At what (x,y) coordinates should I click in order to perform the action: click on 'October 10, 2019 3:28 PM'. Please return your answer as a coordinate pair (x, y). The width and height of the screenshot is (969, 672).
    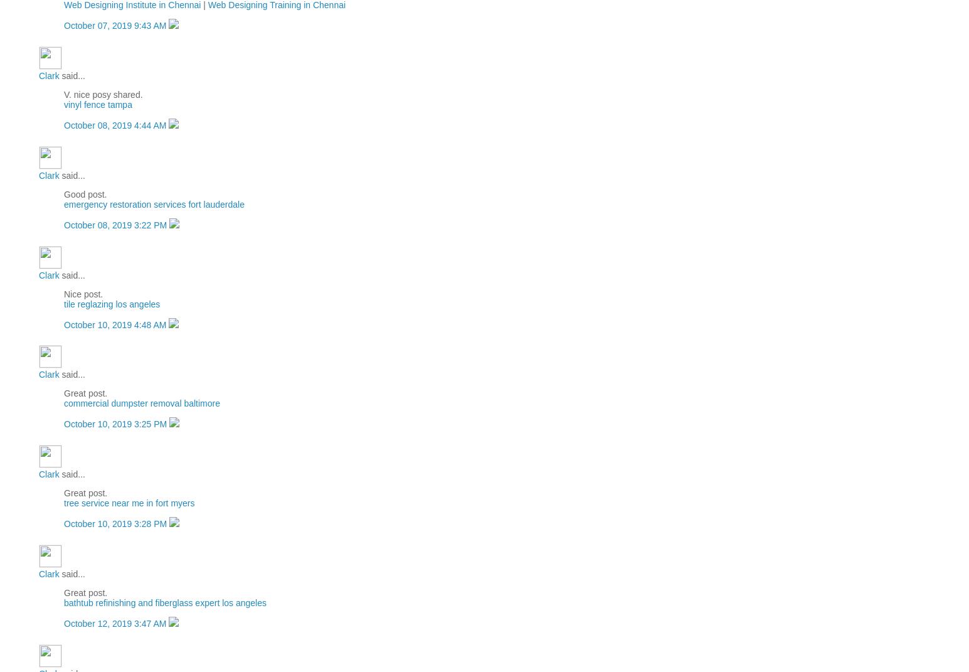
    Looking at the image, I should click on (117, 523).